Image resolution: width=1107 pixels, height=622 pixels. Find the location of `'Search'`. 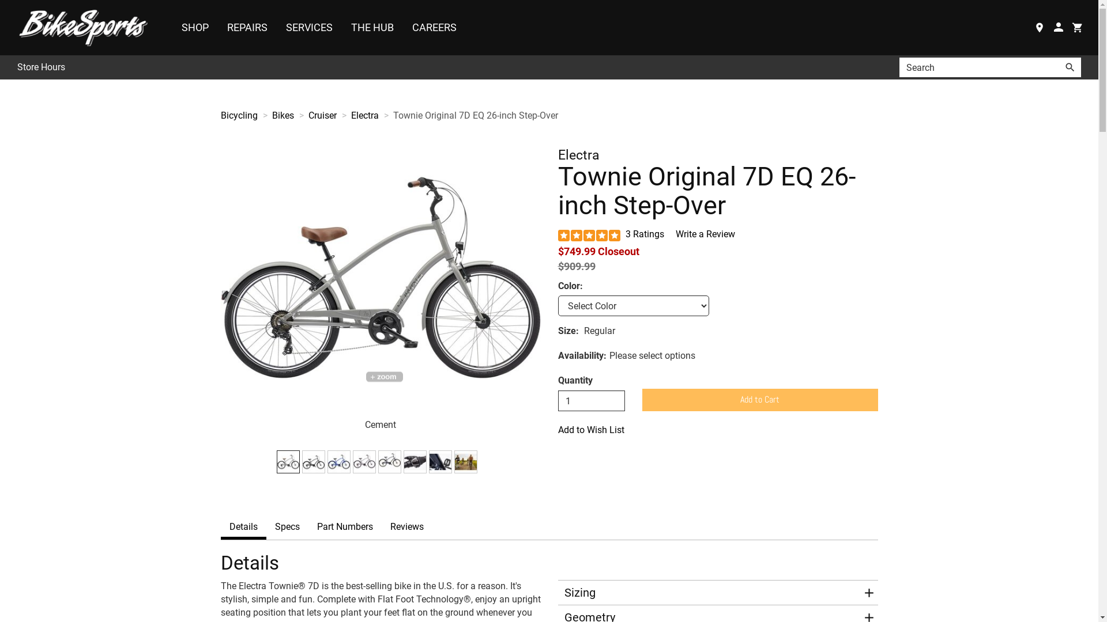

'Search' is located at coordinates (1070, 67).